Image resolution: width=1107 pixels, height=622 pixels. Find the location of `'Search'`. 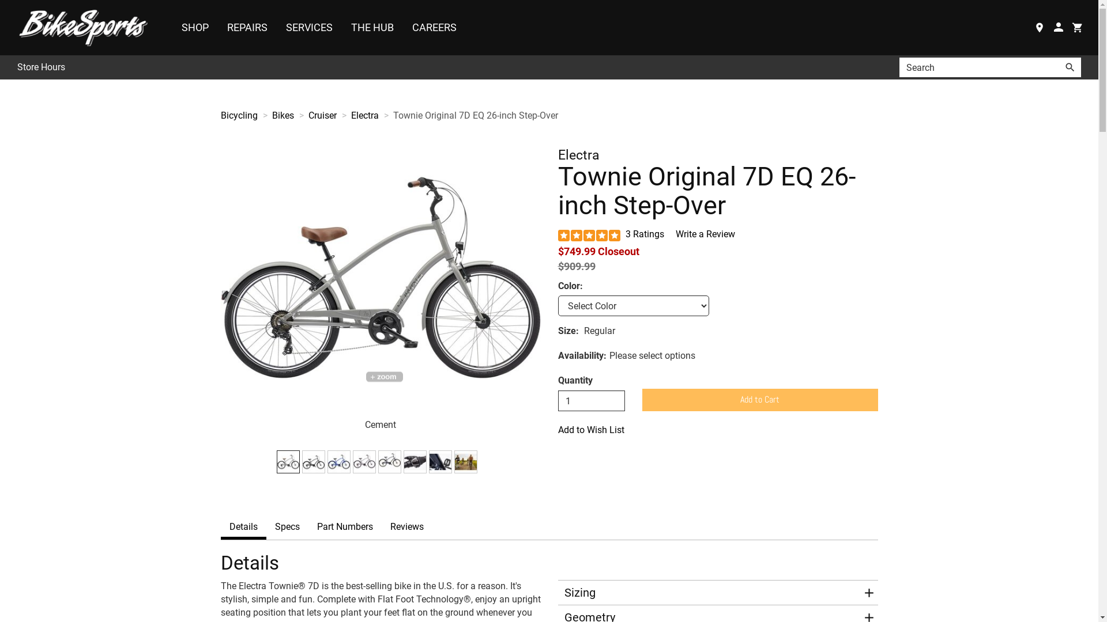

'Search' is located at coordinates (1070, 67).